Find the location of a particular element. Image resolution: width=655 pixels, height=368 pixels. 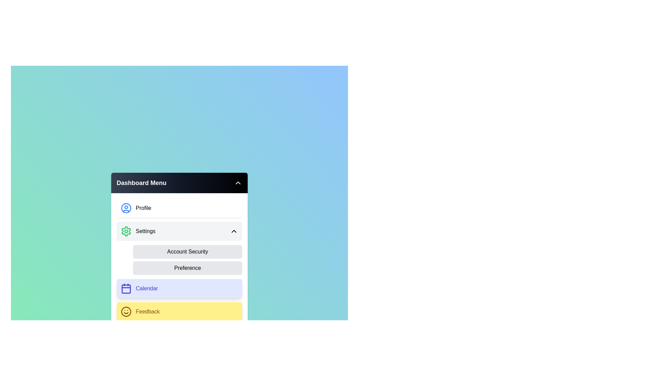

the rounded rectangular shape within the calendar icon, which is part of the main navigation menu, located to the left of the 'Calendar' text is located at coordinates (126, 289).